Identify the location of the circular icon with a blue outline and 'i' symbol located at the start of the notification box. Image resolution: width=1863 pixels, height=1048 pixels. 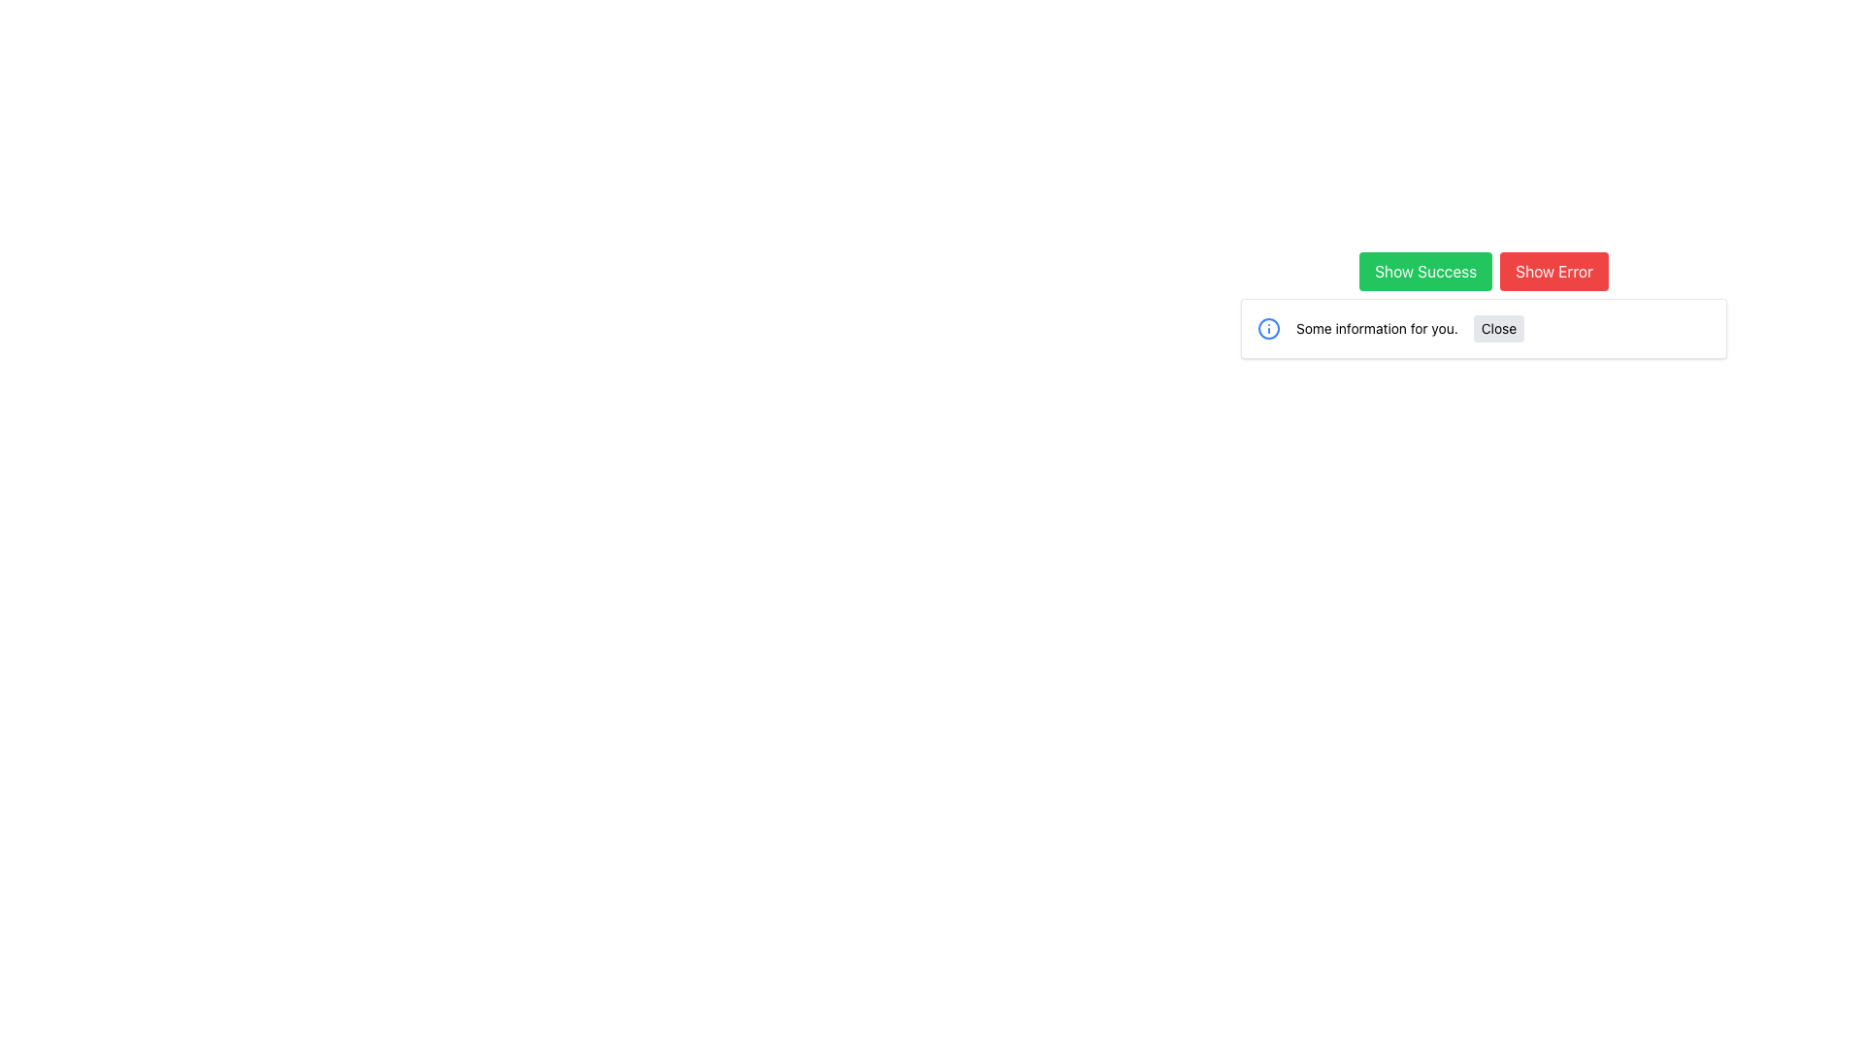
(1269, 328).